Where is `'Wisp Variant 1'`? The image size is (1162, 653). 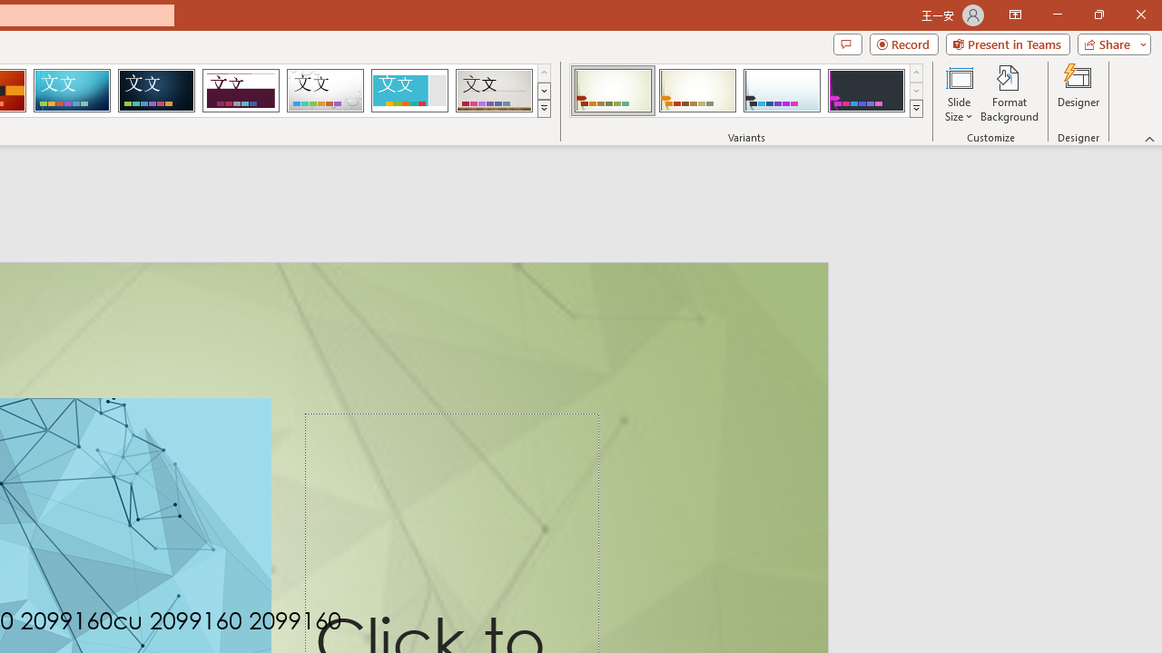
'Wisp Variant 1' is located at coordinates (613, 91).